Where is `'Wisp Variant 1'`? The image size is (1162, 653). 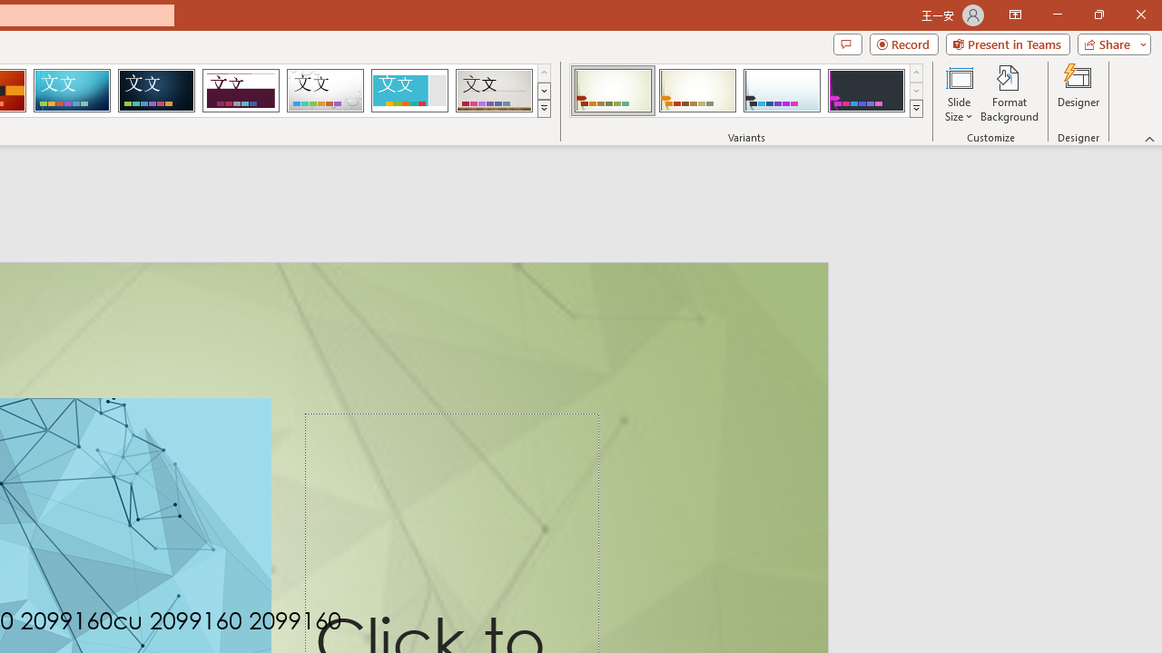
'Wisp Variant 1' is located at coordinates (613, 91).